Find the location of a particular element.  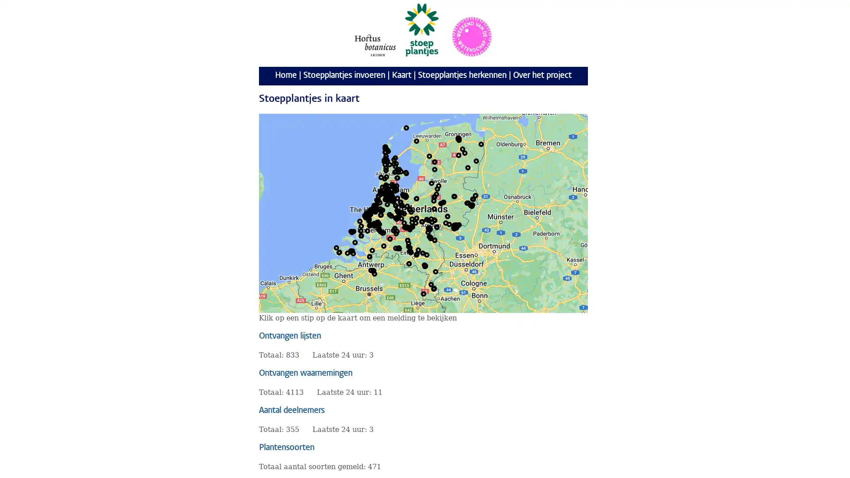

Telling van op 28 oktober 2021 is located at coordinates (373, 270).